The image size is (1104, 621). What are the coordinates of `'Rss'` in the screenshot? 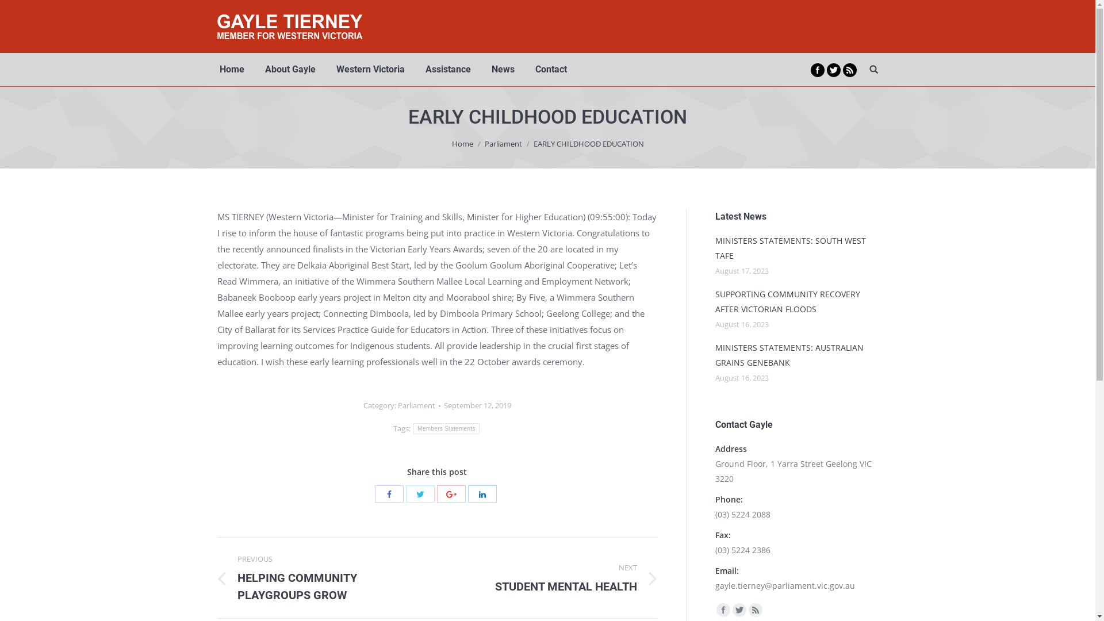 It's located at (756, 609).